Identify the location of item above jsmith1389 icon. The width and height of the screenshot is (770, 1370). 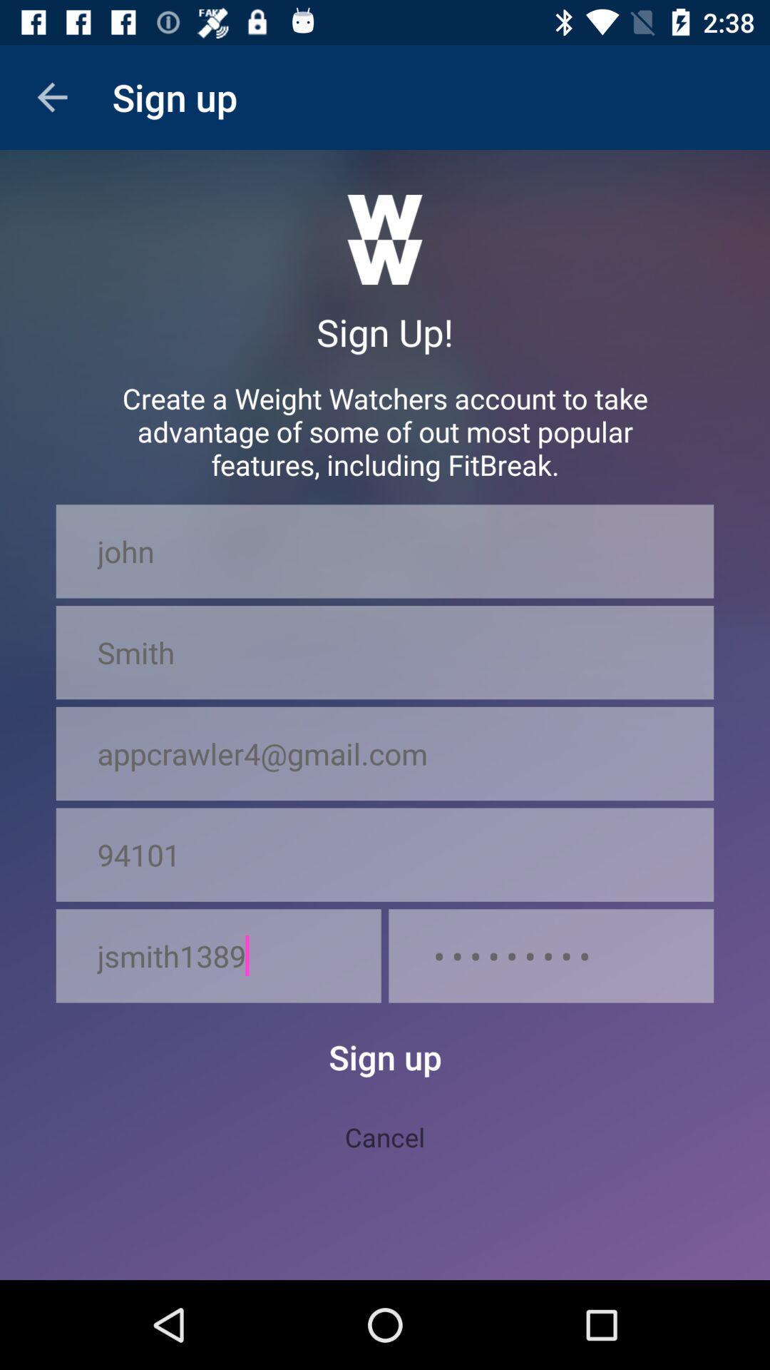
(385, 855).